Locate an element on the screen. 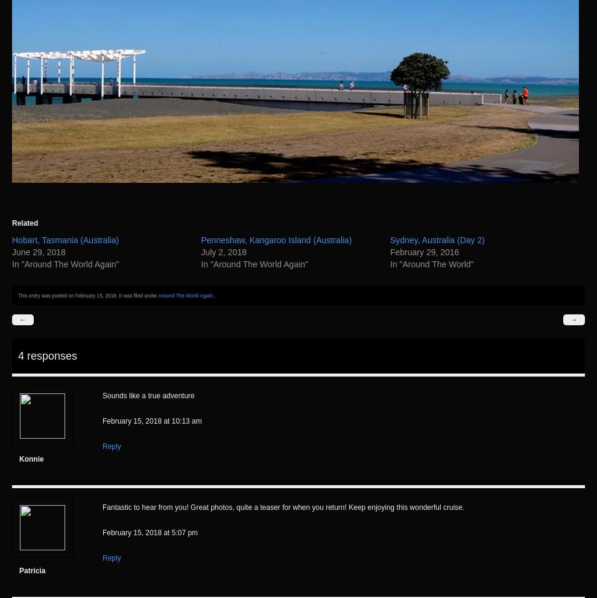 Image resolution: width=597 pixels, height=598 pixels. 'Related' is located at coordinates (24, 223).